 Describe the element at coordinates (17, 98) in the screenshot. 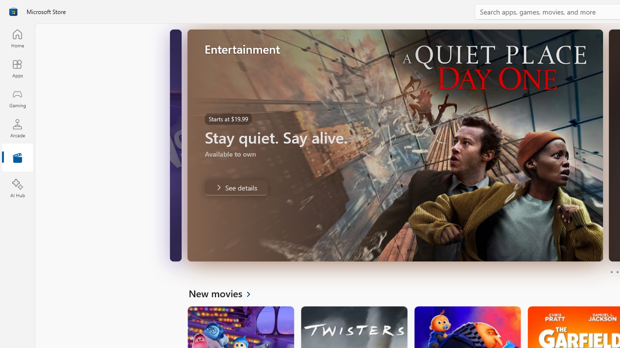

I see `'Gaming'` at that location.